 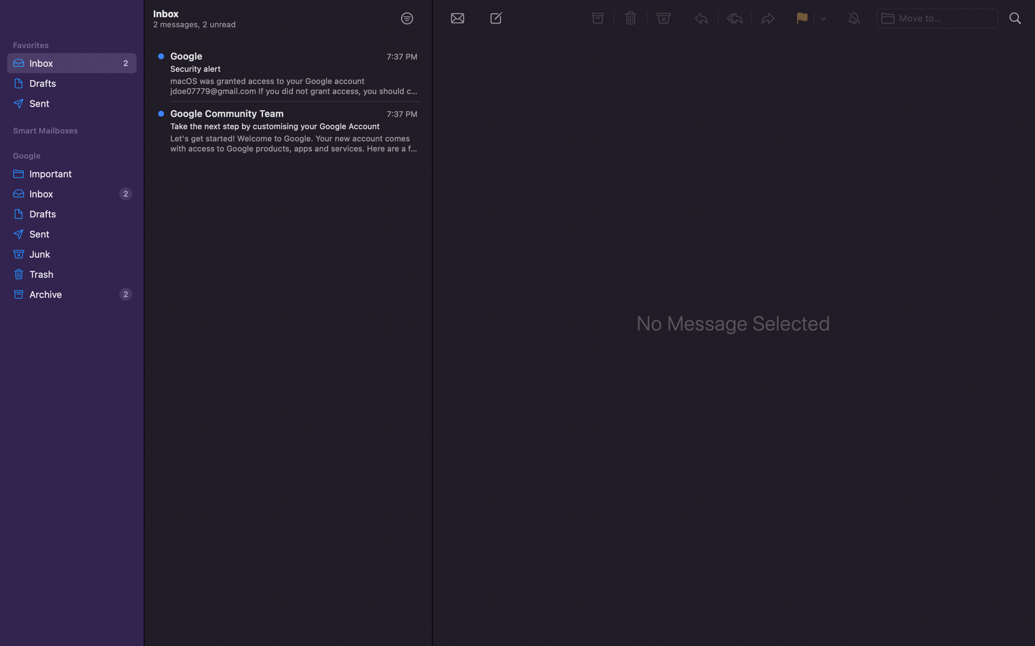 I want to click on the action to proceed the chosen message, so click(x=769, y=20).